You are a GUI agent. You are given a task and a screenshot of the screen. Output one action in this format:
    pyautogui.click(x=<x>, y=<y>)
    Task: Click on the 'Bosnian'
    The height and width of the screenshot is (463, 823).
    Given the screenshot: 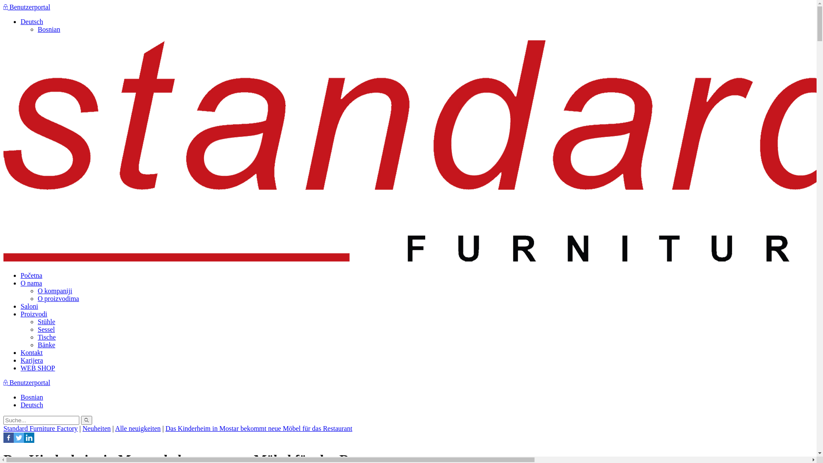 What is the action you would take?
    pyautogui.click(x=21, y=397)
    